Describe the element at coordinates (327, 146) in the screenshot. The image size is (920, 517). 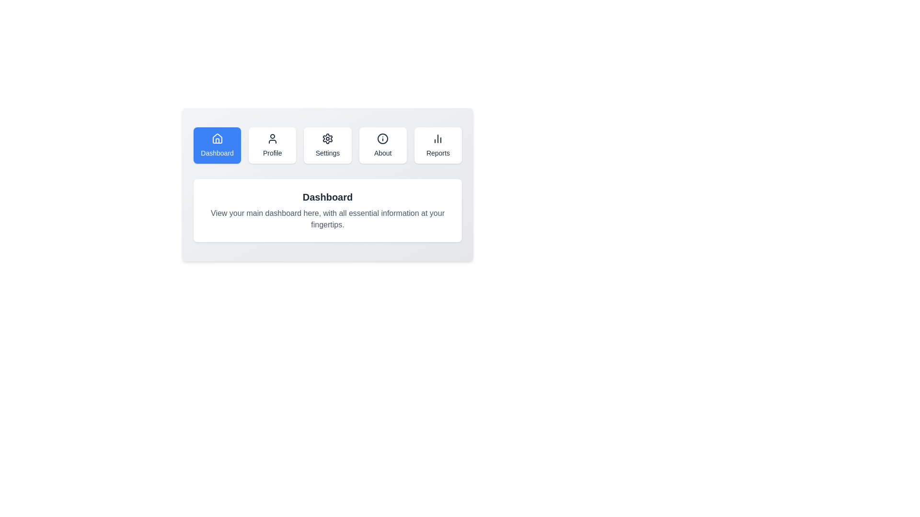
I see `the Settings button to observe its effect` at that location.